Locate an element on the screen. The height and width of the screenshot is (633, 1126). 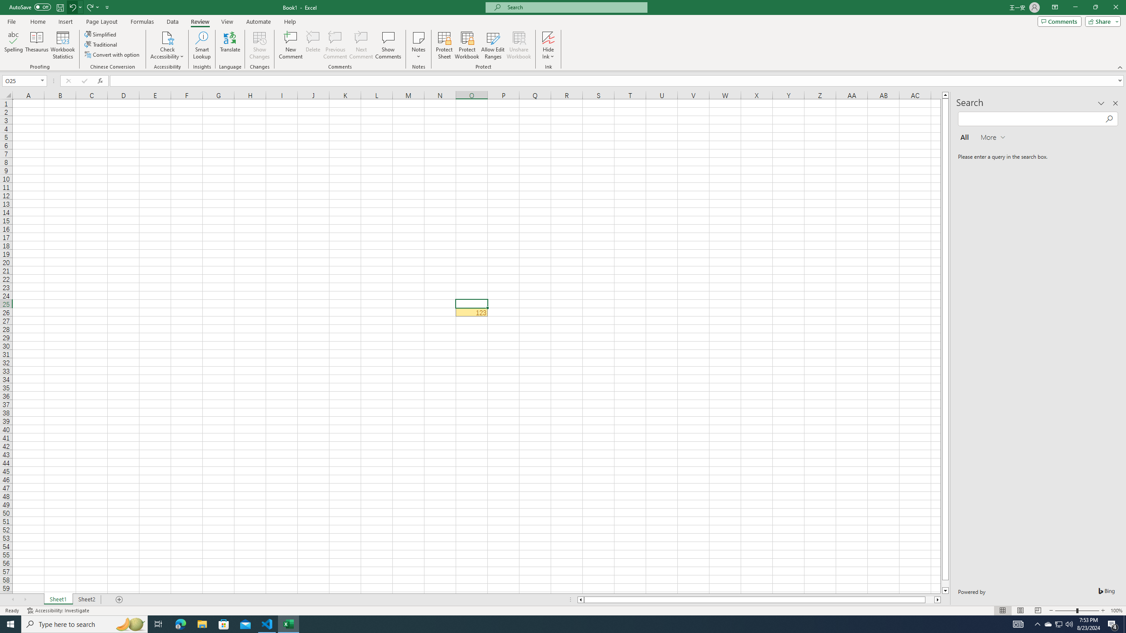
'Accessibility Checker Accessibility: Investigate' is located at coordinates (59, 611).